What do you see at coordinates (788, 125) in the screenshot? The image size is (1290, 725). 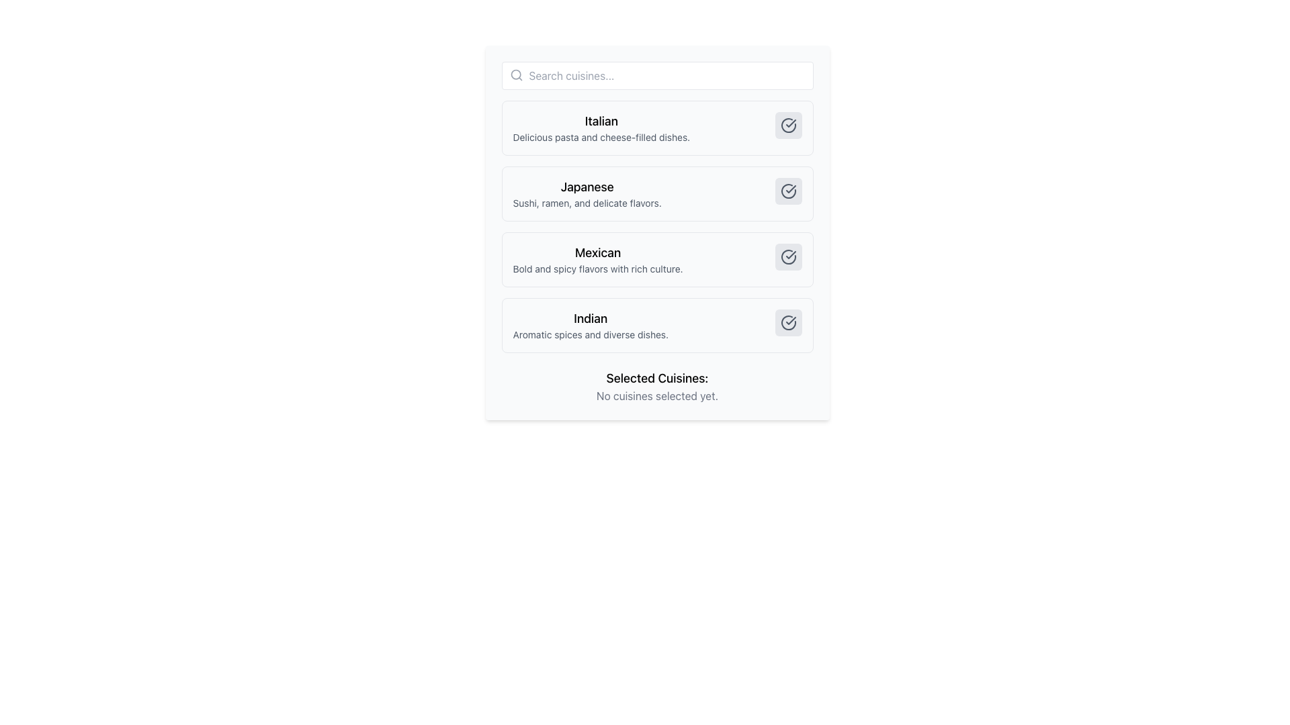 I see `the button` at bounding box center [788, 125].